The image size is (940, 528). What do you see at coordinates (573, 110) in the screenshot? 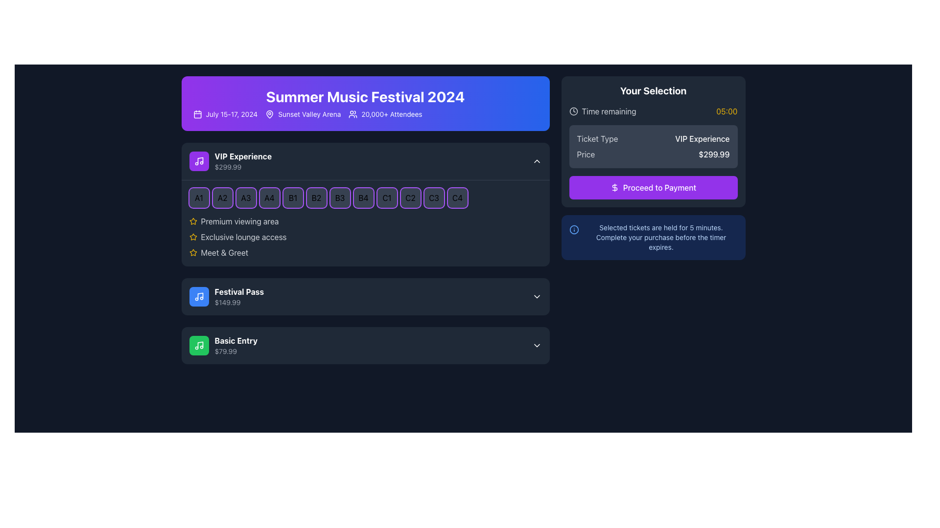
I see `the circular clock outline icon in the 'Your Selection' summary panel, which is located before the 'Time Remaining' label` at bounding box center [573, 110].